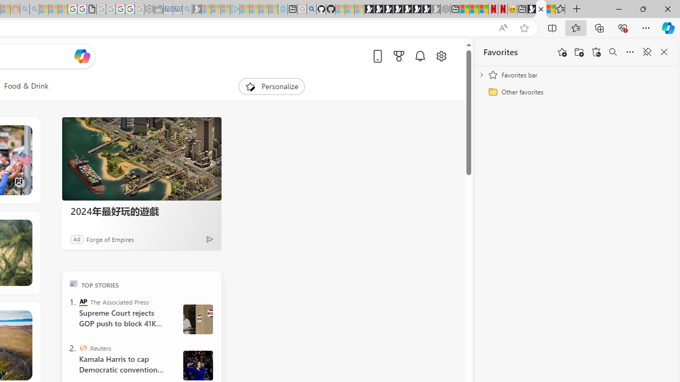 The height and width of the screenshot is (382, 680). Describe the element at coordinates (441, 56) in the screenshot. I see `'Open settings'` at that location.